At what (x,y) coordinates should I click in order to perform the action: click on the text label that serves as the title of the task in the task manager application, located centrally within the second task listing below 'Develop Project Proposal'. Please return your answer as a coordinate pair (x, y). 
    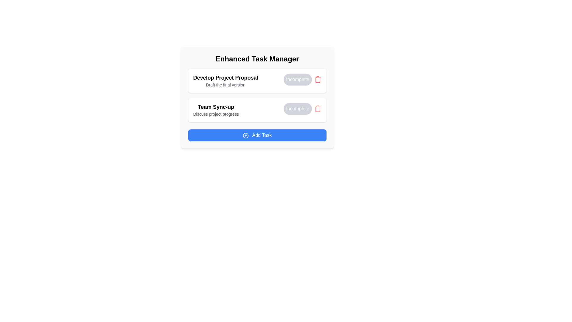
    Looking at the image, I should click on (216, 106).